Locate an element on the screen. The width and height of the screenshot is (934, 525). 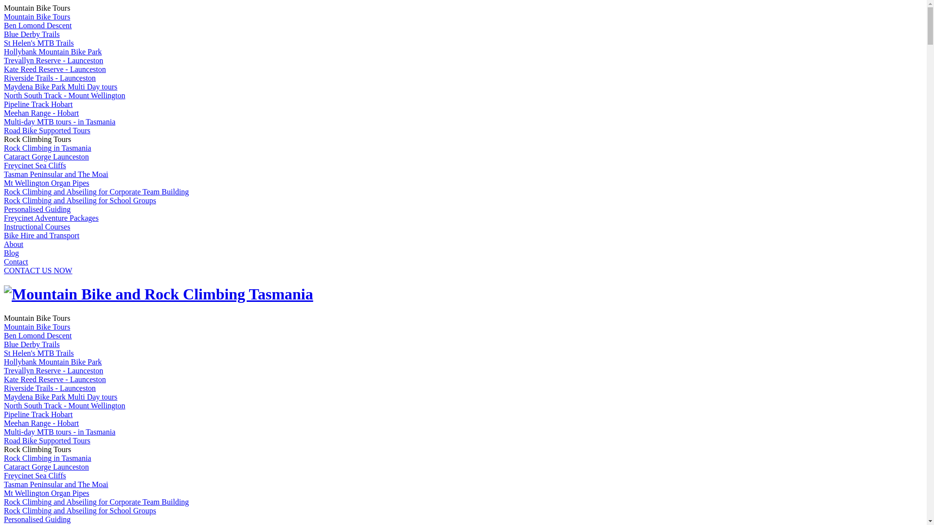
'Contact' is located at coordinates (16, 261).